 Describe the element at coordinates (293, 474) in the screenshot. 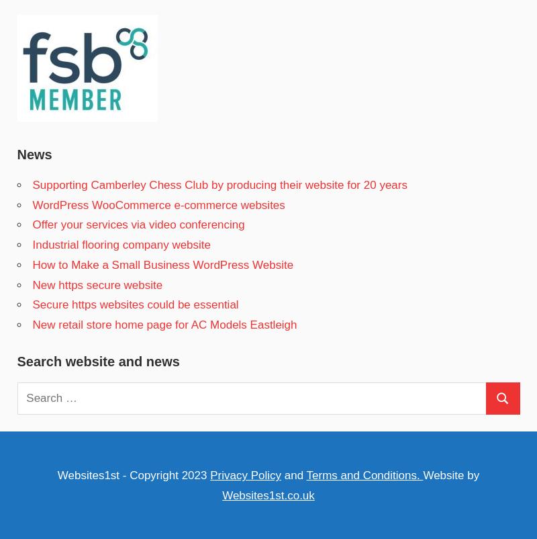

I see `'and'` at that location.